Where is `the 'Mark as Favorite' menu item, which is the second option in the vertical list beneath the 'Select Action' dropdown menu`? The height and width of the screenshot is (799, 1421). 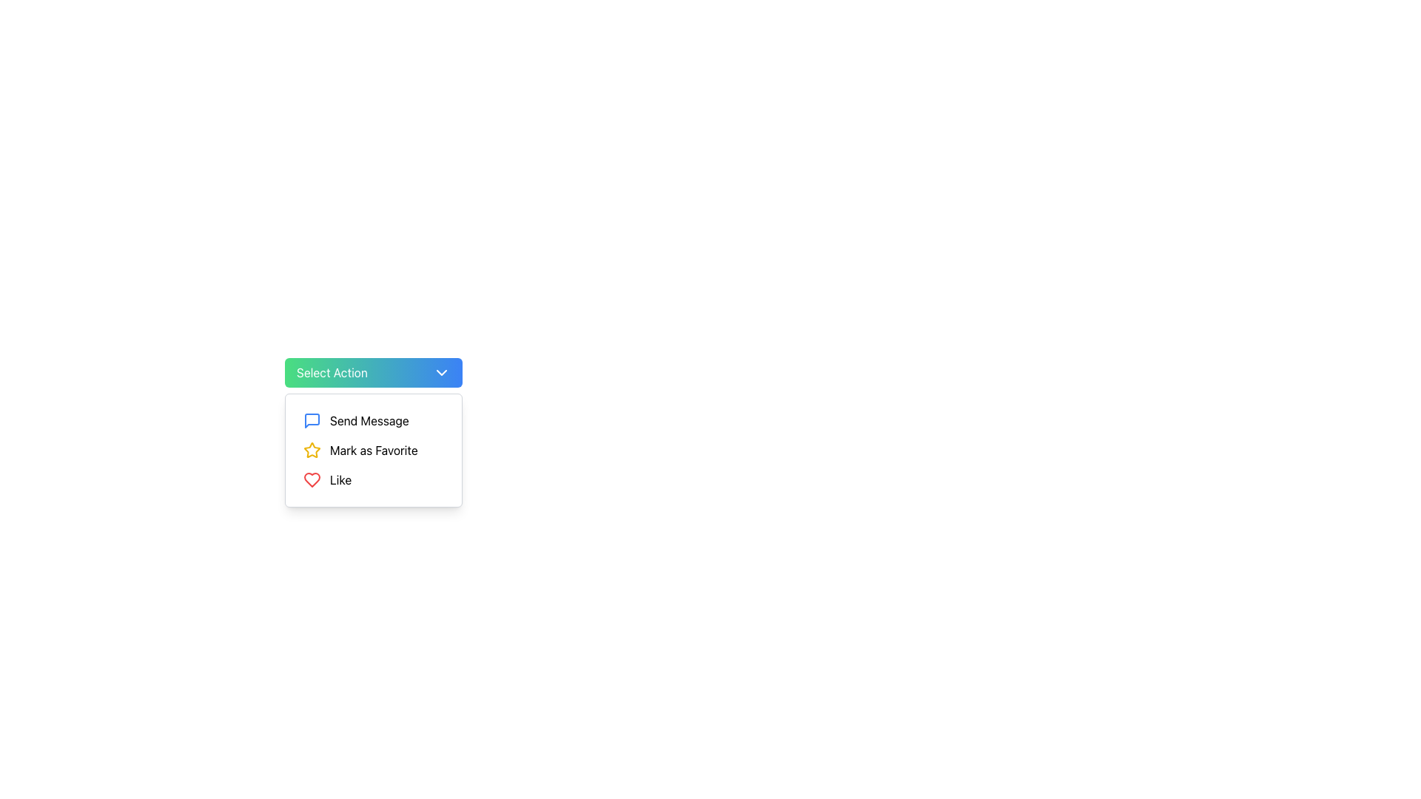 the 'Mark as Favorite' menu item, which is the second option in the vertical list beneath the 'Select Action' dropdown menu is located at coordinates (373, 450).